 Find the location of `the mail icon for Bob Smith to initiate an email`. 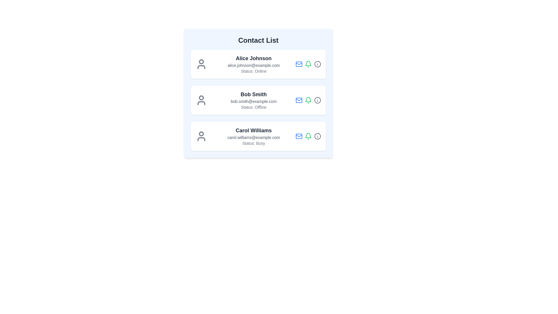

the mail icon for Bob Smith to initiate an email is located at coordinates (299, 100).